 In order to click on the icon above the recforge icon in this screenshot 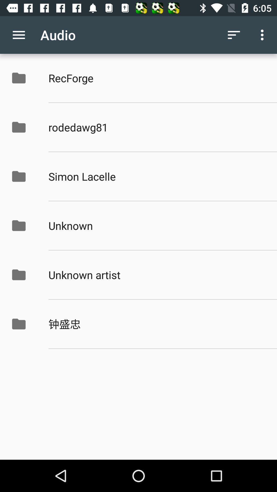, I will do `click(234, 35)`.